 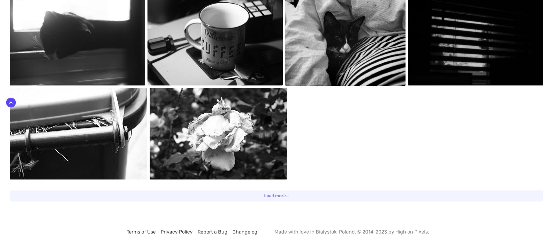 What do you see at coordinates (395, 231) in the screenshot?
I see `'High on Pixels'` at bounding box center [395, 231].